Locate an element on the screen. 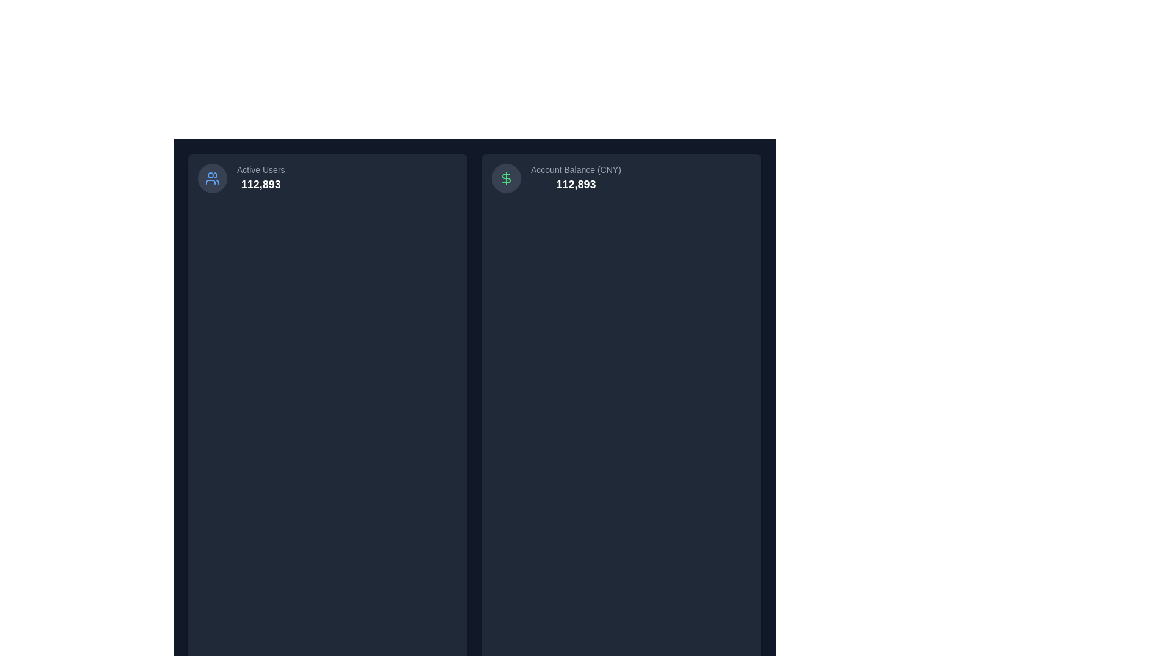 The width and height of the screenshot is (1173, 660). the text label displaying 'Account Balance (CNY)' which is located at the top of a box containing a numerical value, styled in gray color on a dark background is located at coordinates (575, 169).